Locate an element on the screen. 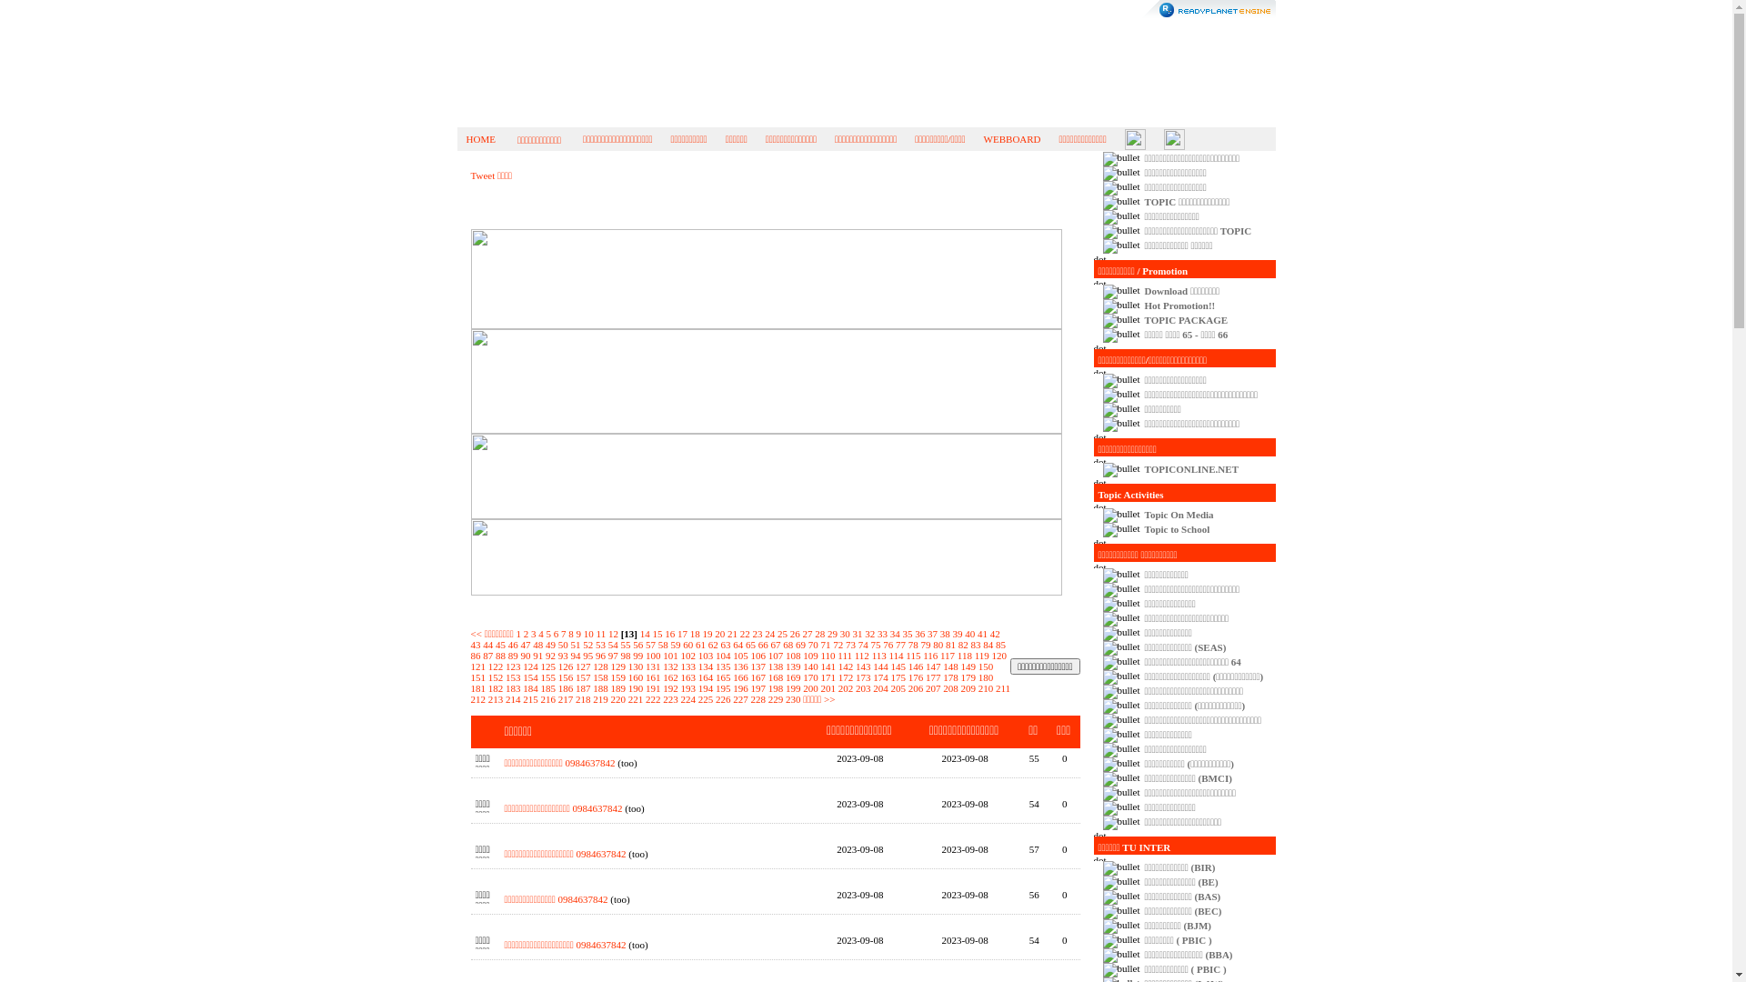  '54' is located at coordinates (613, 644).